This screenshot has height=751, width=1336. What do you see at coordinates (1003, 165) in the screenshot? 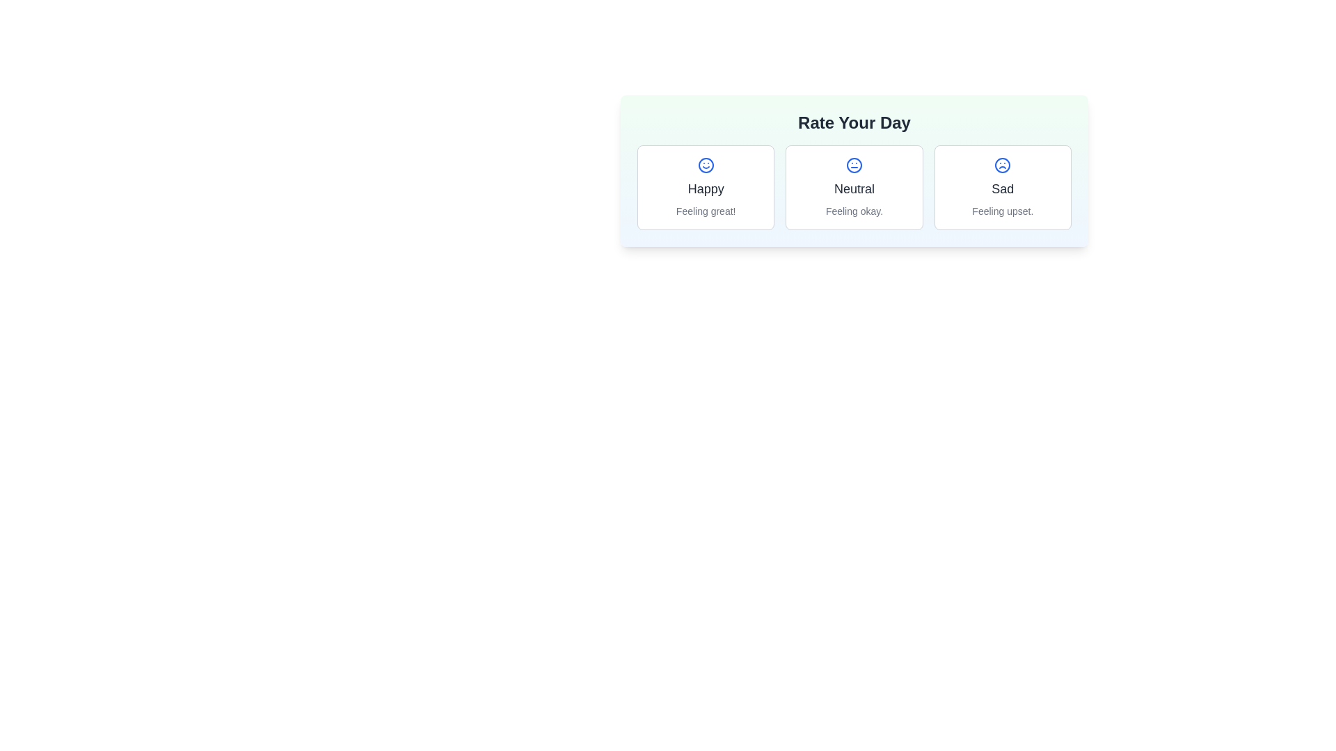
I see `the circular sad face icon, which is blue in color and located at the top section of the card labeled 'Sad'` at bounding box center [1003, 165].